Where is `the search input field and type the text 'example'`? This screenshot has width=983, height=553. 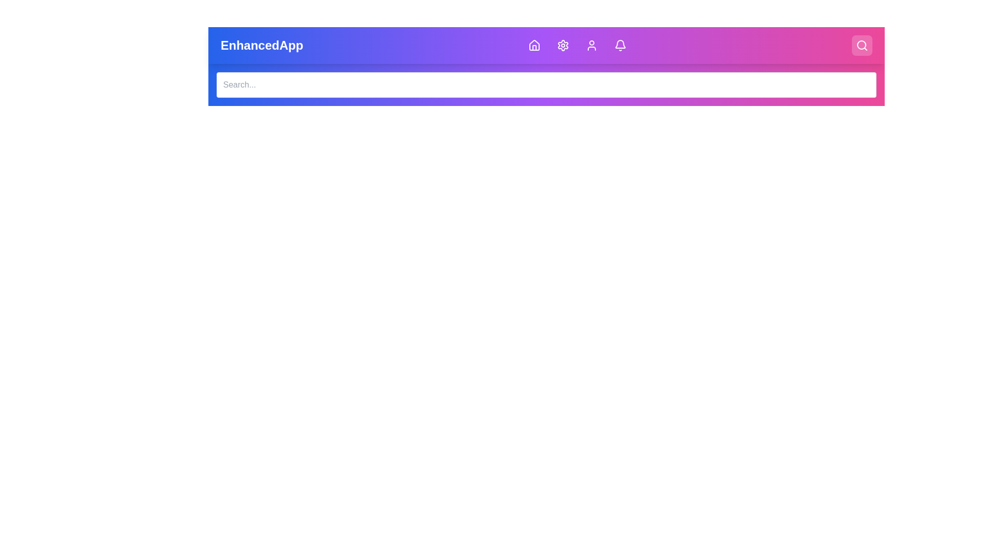
the search input field and type the text 'example' is located at coordinates (546, 84).